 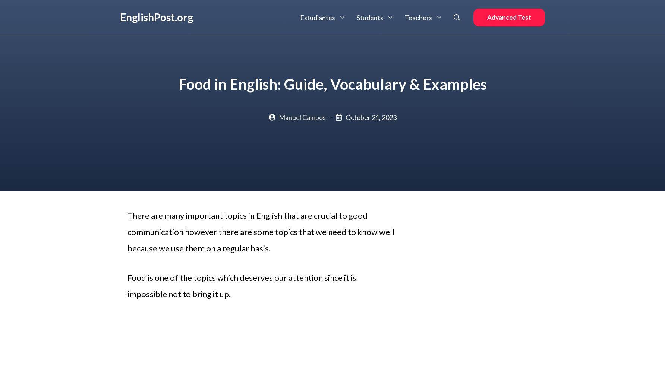 What do you see at coordinates (317, 17) in the screenshot?
I see `'Estudiantes'` at bounding box center [317, 17].